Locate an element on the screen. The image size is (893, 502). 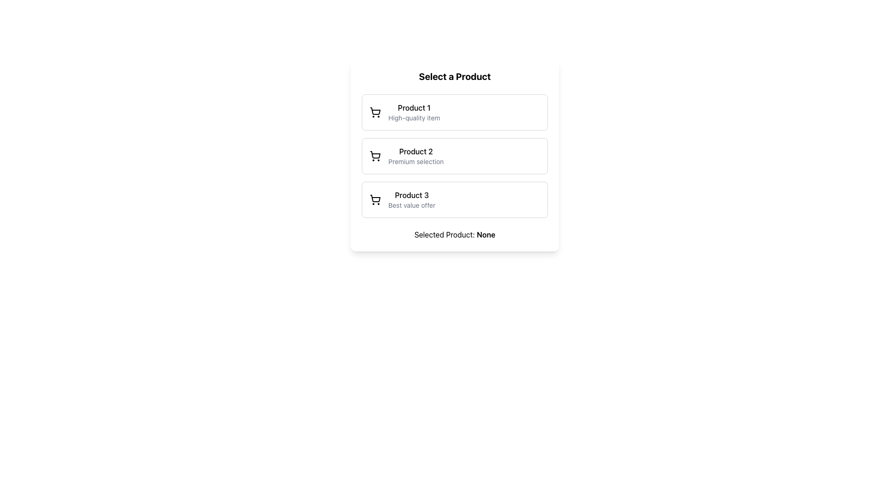
the text label displaying 'Premium selection', located beneath the title 'Product 2' in the second section of the card layout is located at coordinates (415, 161).